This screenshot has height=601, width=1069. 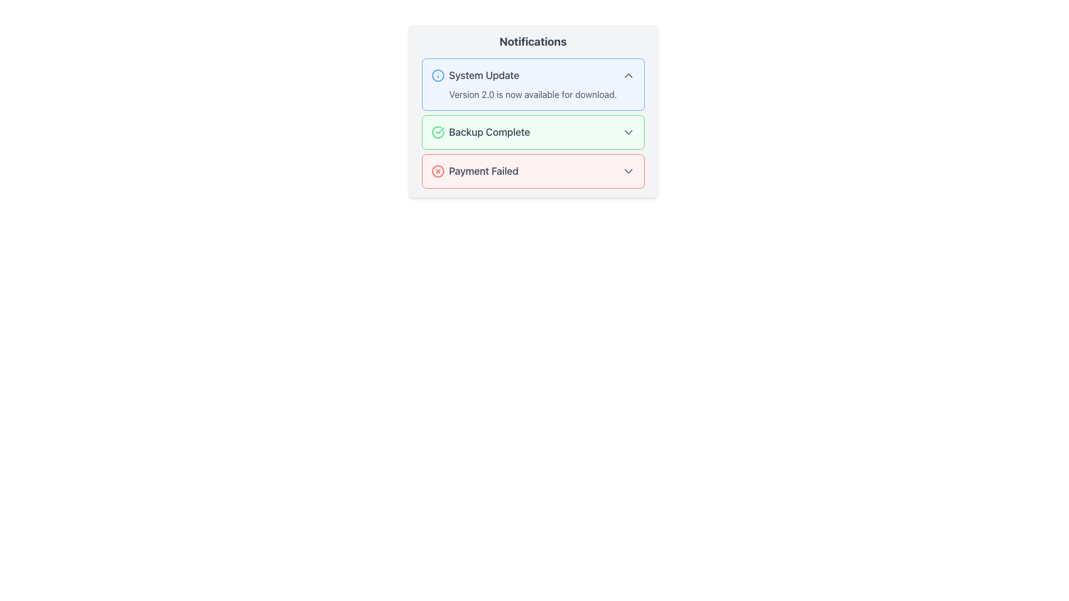 I want to click on text content of the Header label indicating a system update, which is the topmost element among the notification items, so click(x=475, y=75).